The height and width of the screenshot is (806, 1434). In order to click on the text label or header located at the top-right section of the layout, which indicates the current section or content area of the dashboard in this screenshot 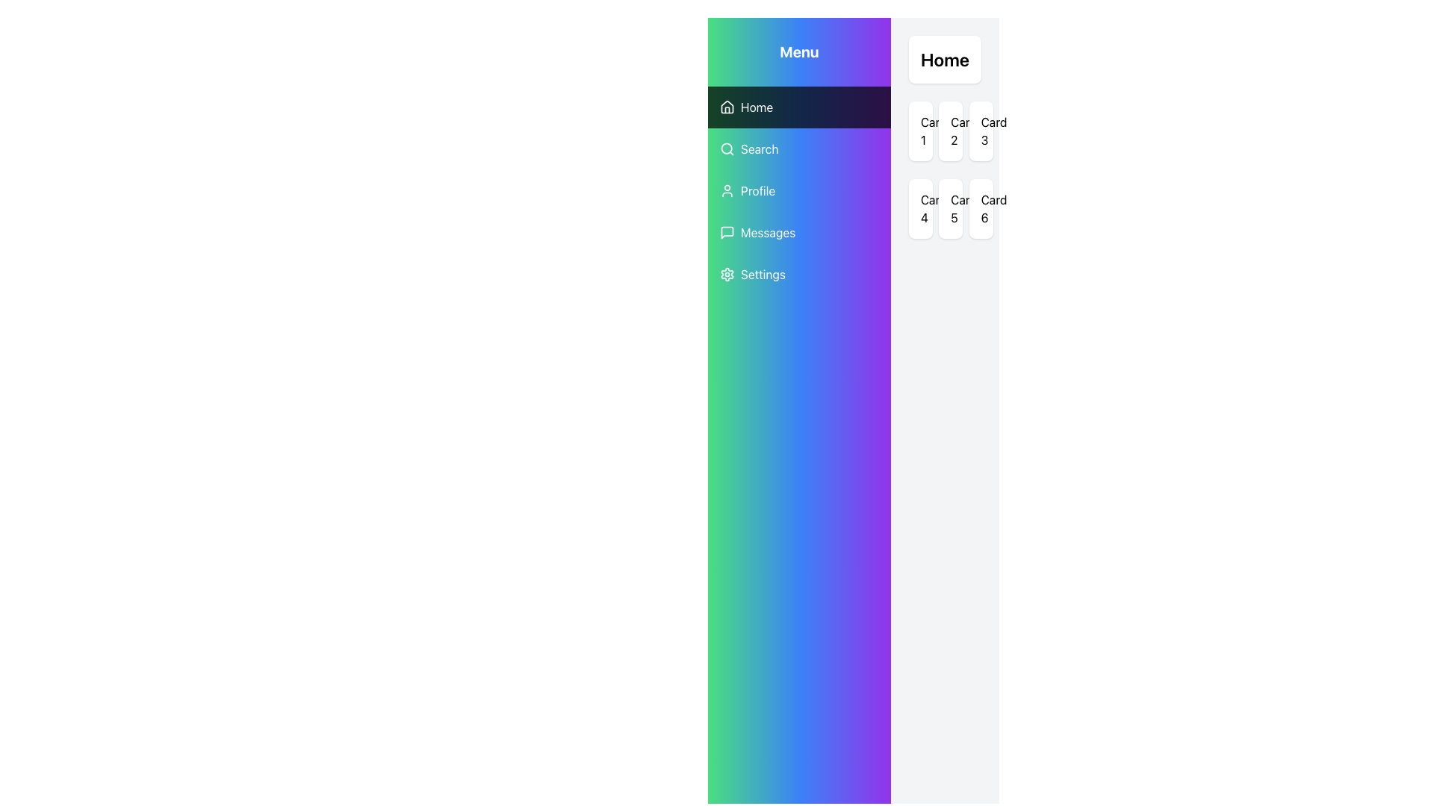, I will do `click(944, 59)`.